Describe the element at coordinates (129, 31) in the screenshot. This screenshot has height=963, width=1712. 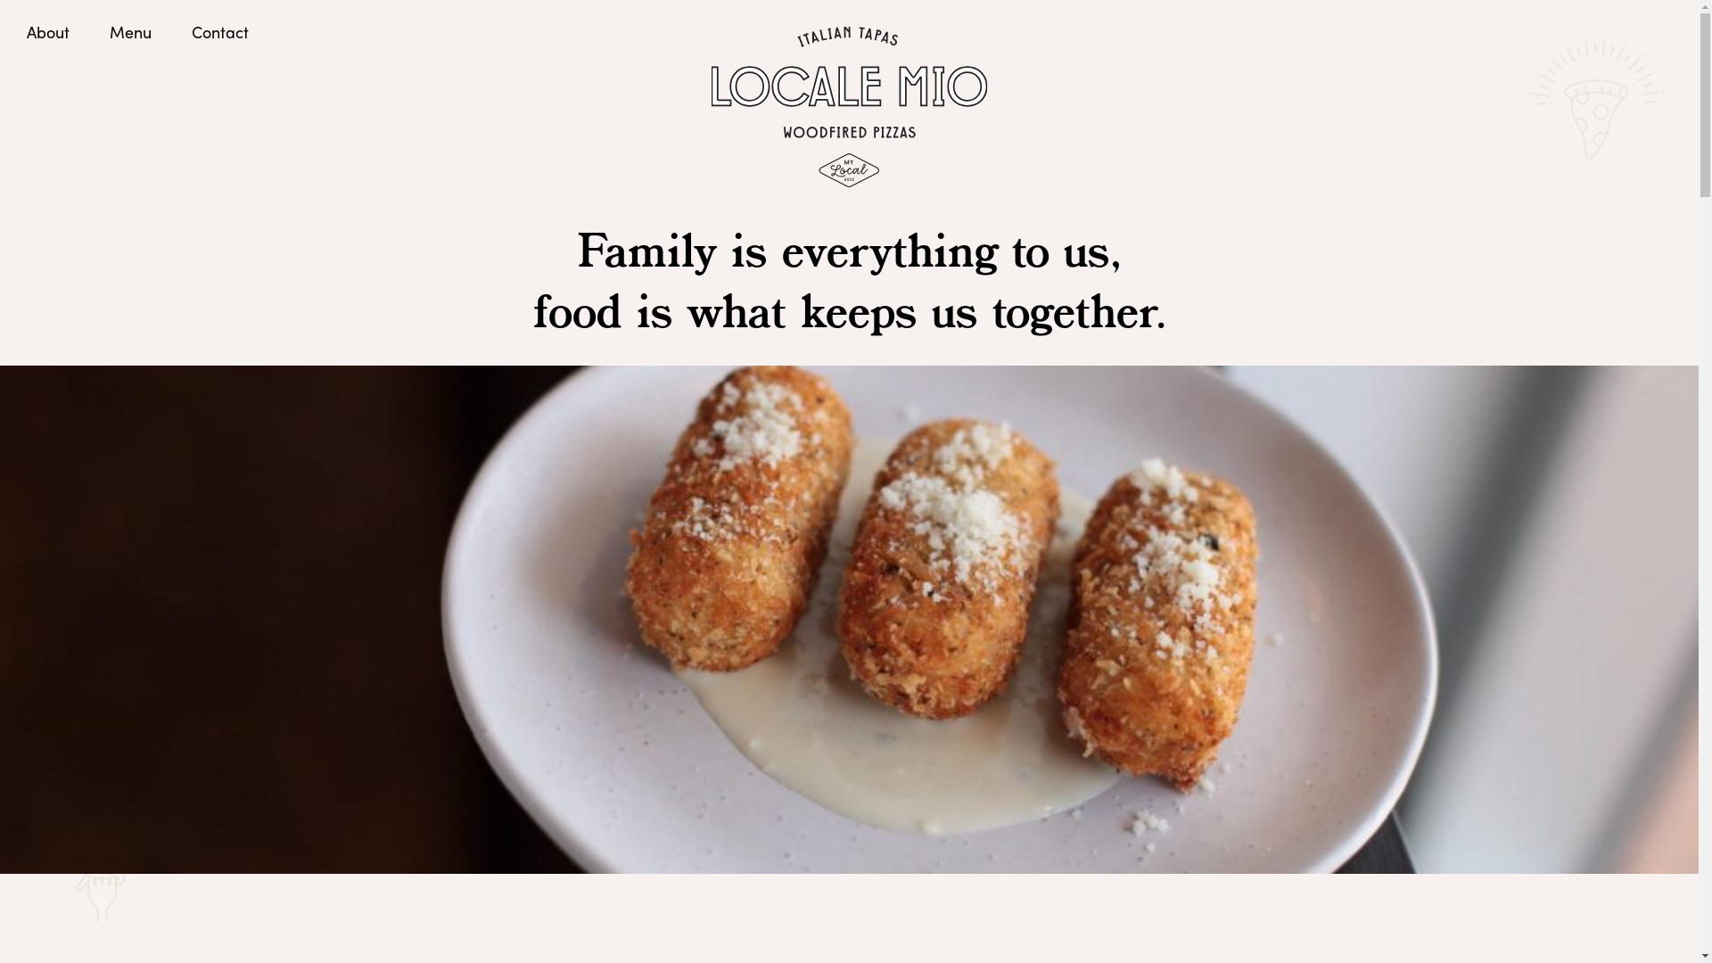
I see `'Menu'` at that location.